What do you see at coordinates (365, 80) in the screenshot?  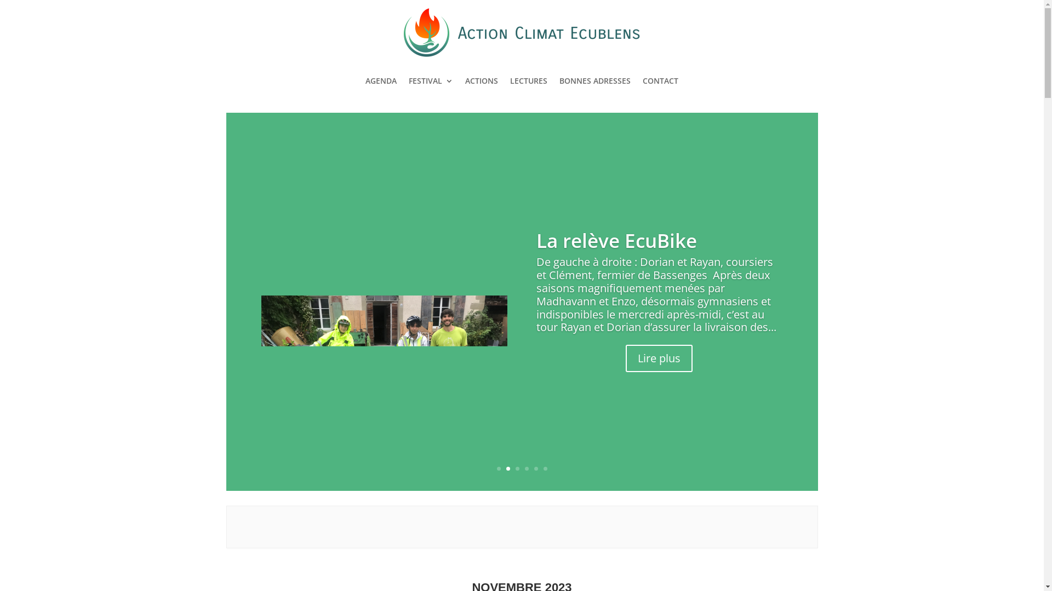 I see `'AGENDA'` at bounding box center [365, 80].